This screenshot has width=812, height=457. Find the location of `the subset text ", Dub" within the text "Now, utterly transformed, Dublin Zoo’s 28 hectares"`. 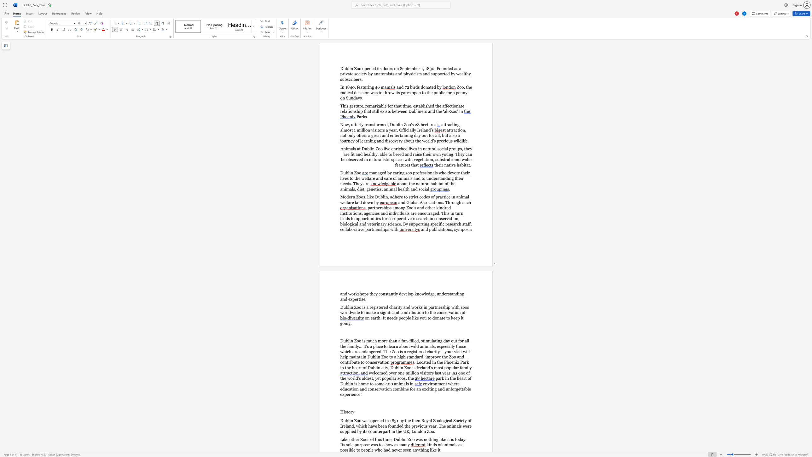

the subset text ", Dub" within the text "Now, utterly transformed, Dublin Zoo’s 28 hectares" is located at coordinates (388, 125).